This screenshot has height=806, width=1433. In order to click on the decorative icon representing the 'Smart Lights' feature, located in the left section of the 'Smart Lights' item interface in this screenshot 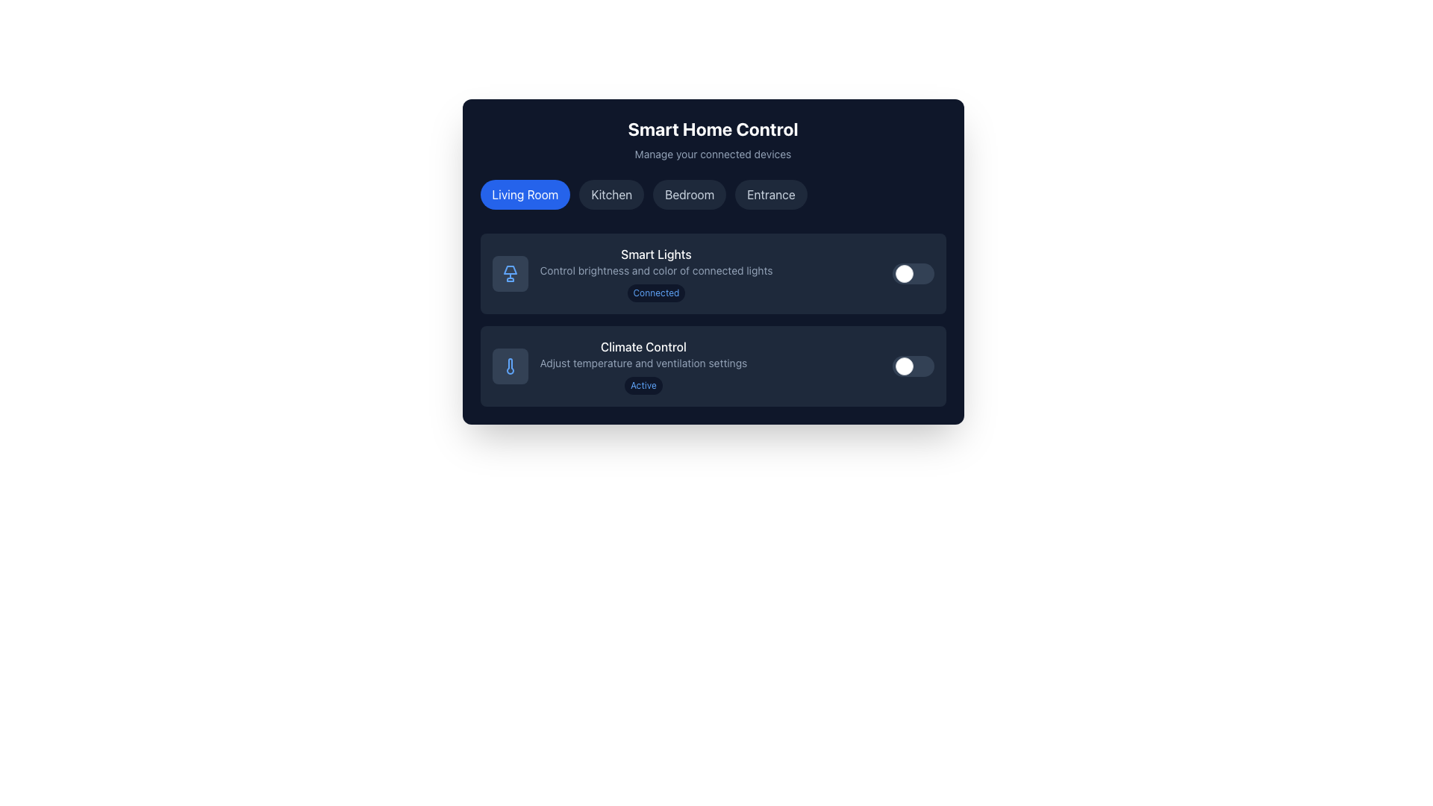, I will do `click(510, 273)`.